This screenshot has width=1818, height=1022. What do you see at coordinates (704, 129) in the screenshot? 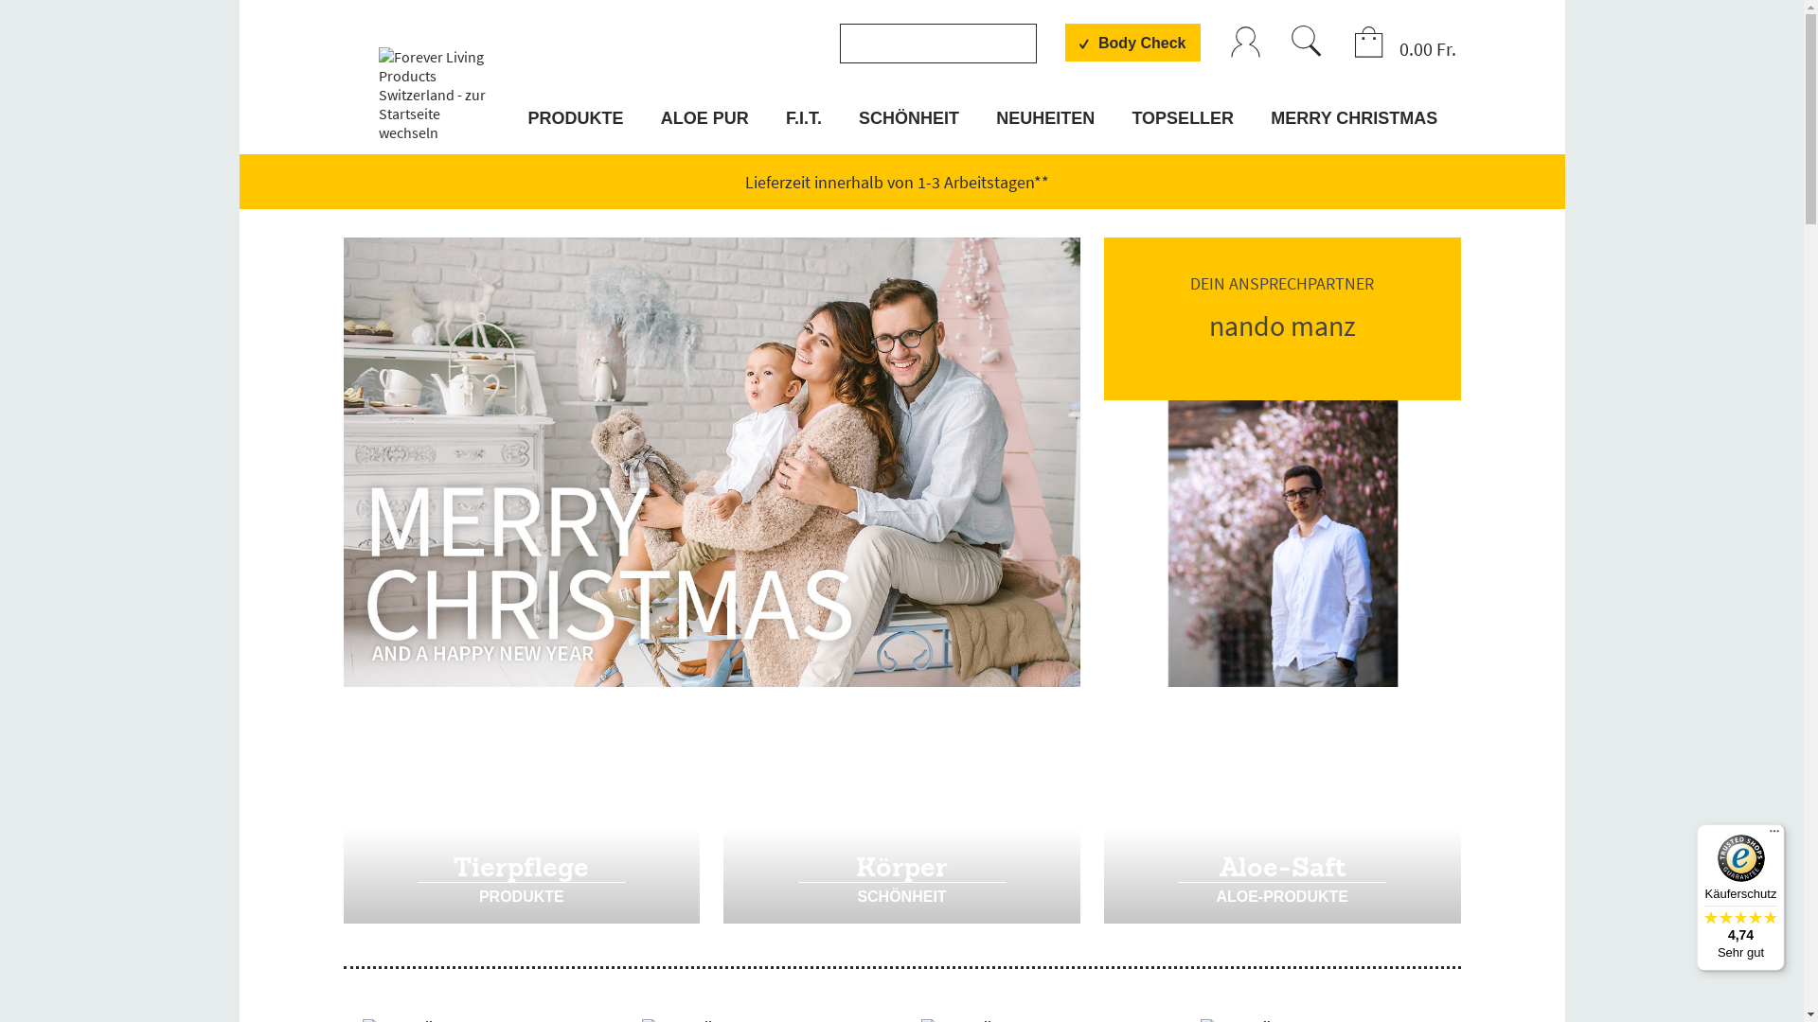
I see `'ALOE PUR'` at bounding box center [704, 129].